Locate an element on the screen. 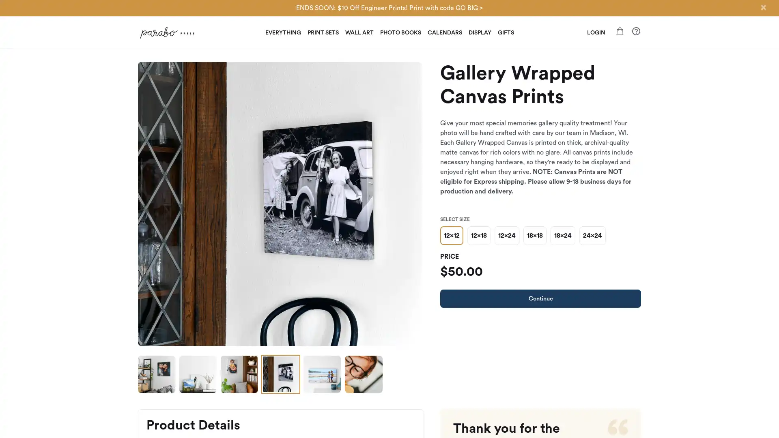 This screenshot has height=438, width=779. Continue is located at coordinates (540, 298).